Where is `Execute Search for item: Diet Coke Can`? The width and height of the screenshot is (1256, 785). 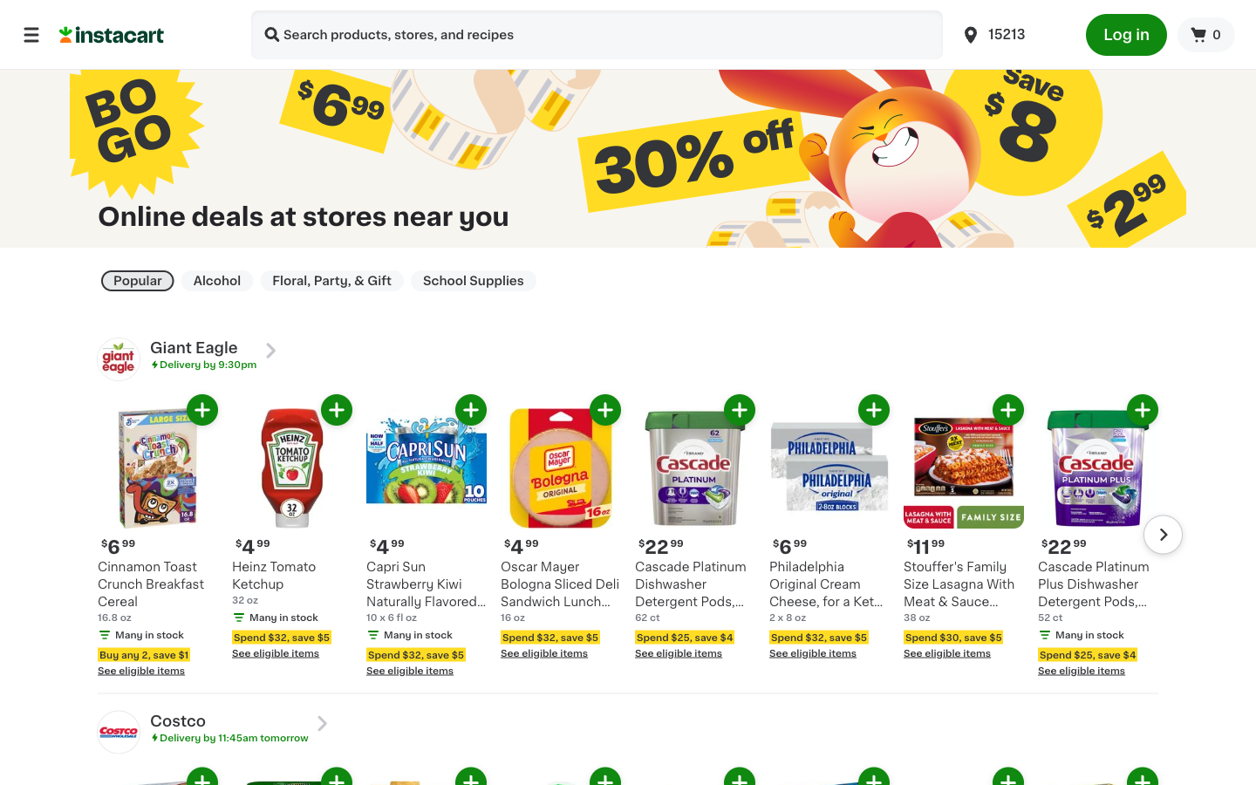 Execute Search for item: Diet Coke Can is located at coordinates (272, 36).